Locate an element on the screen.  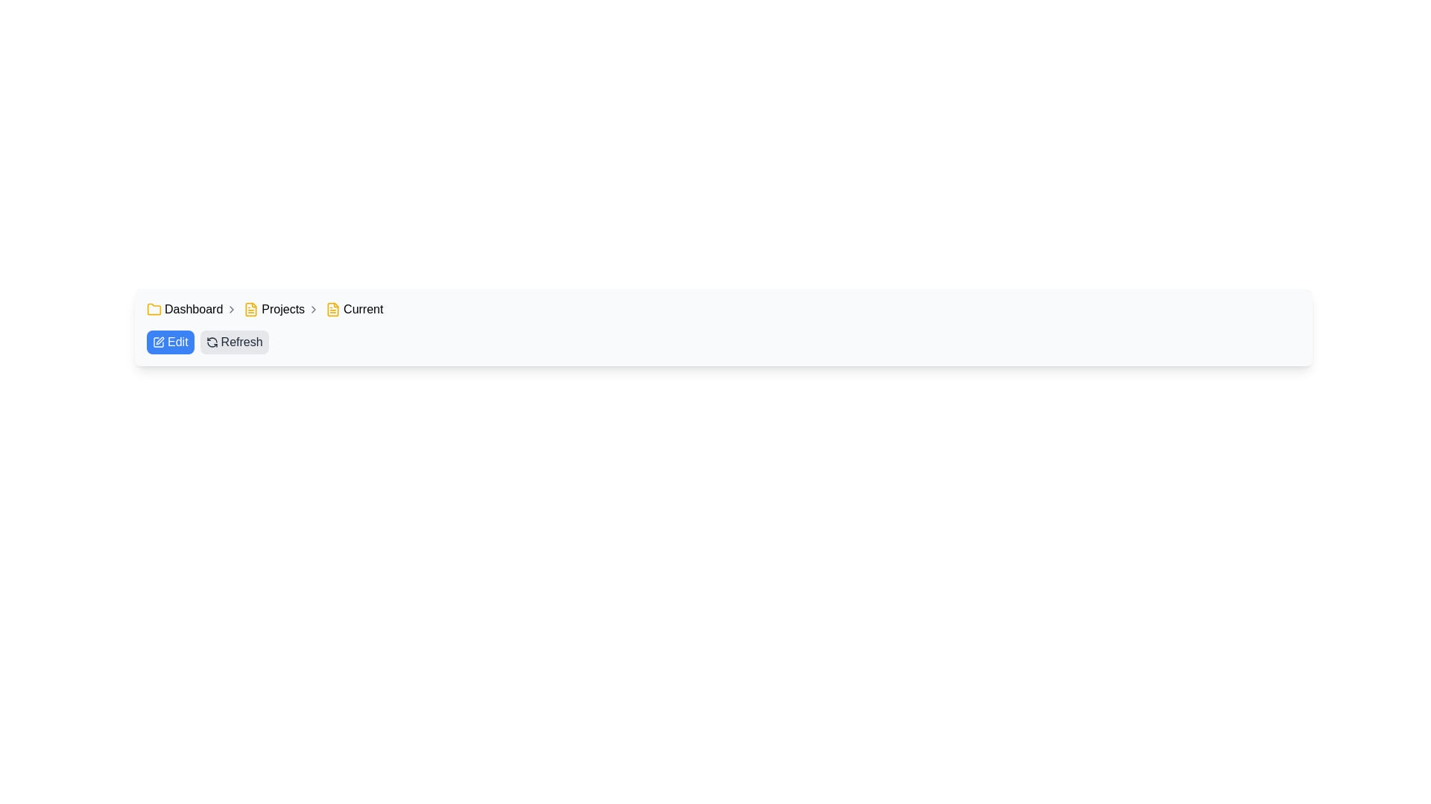
the Chevron Right icon, which serves as a separator in the breadcrumb navigation bar, located directly to the right of the 'Projects' text is located at coordinates (313, 309).